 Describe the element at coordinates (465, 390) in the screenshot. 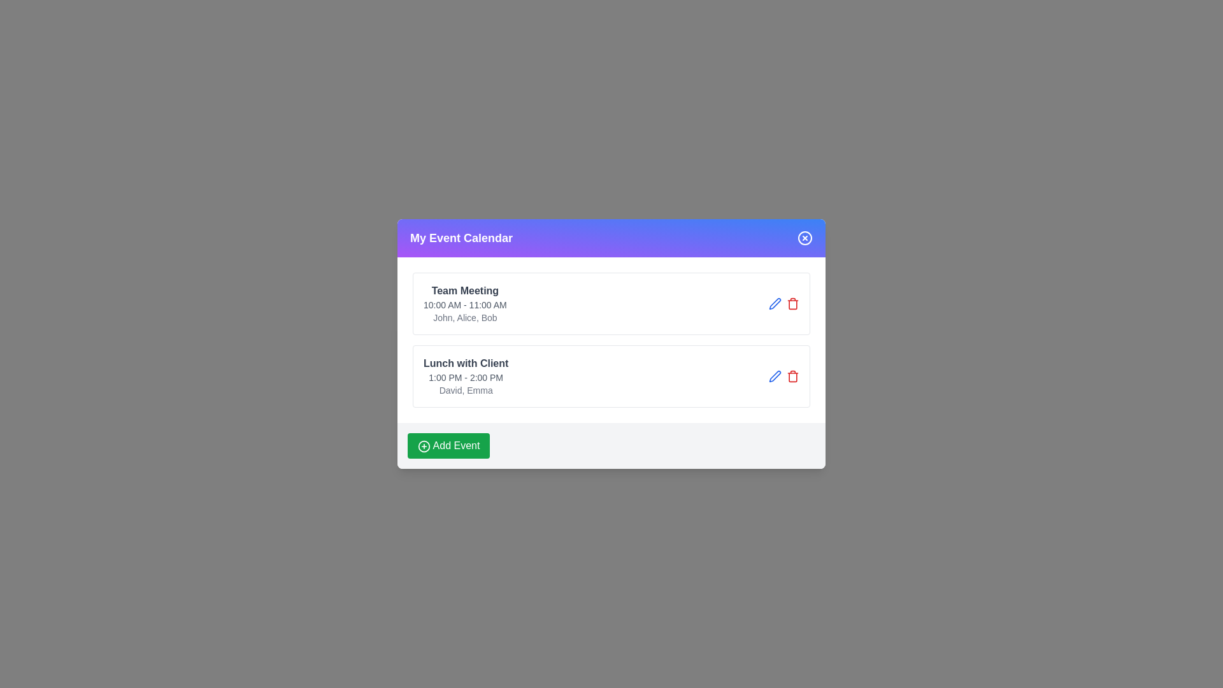

I see `the text label displaying 'David, Emma', which is styled in a smaller gray font and is located under the time range '1:00 PM - 2:00 PM' in the 'Lunch with Client' section of the calendar interface` at that location.